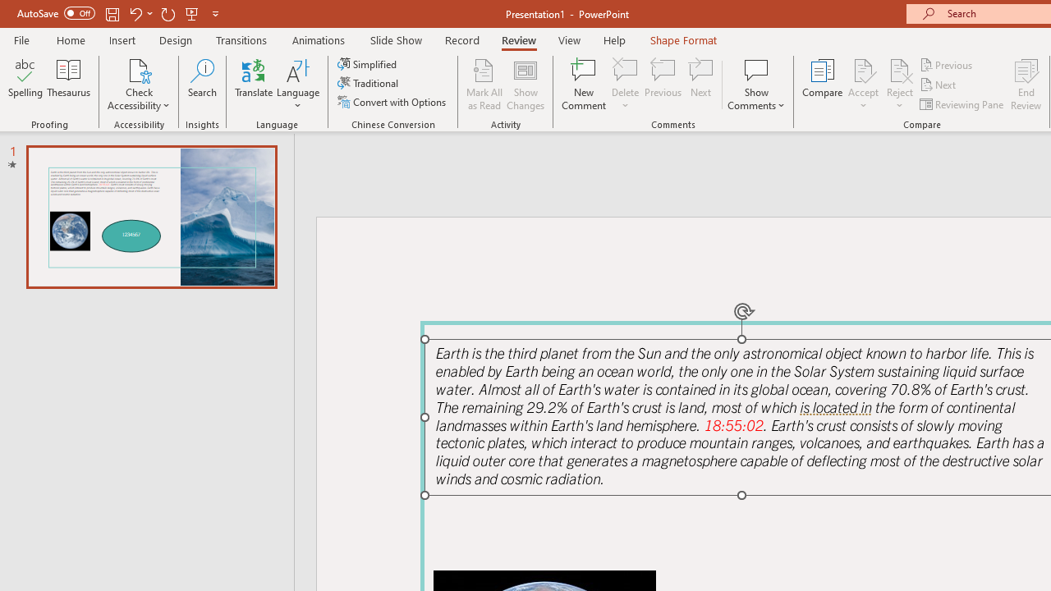  I want to click on 'Show Changes', so click(525, 85).